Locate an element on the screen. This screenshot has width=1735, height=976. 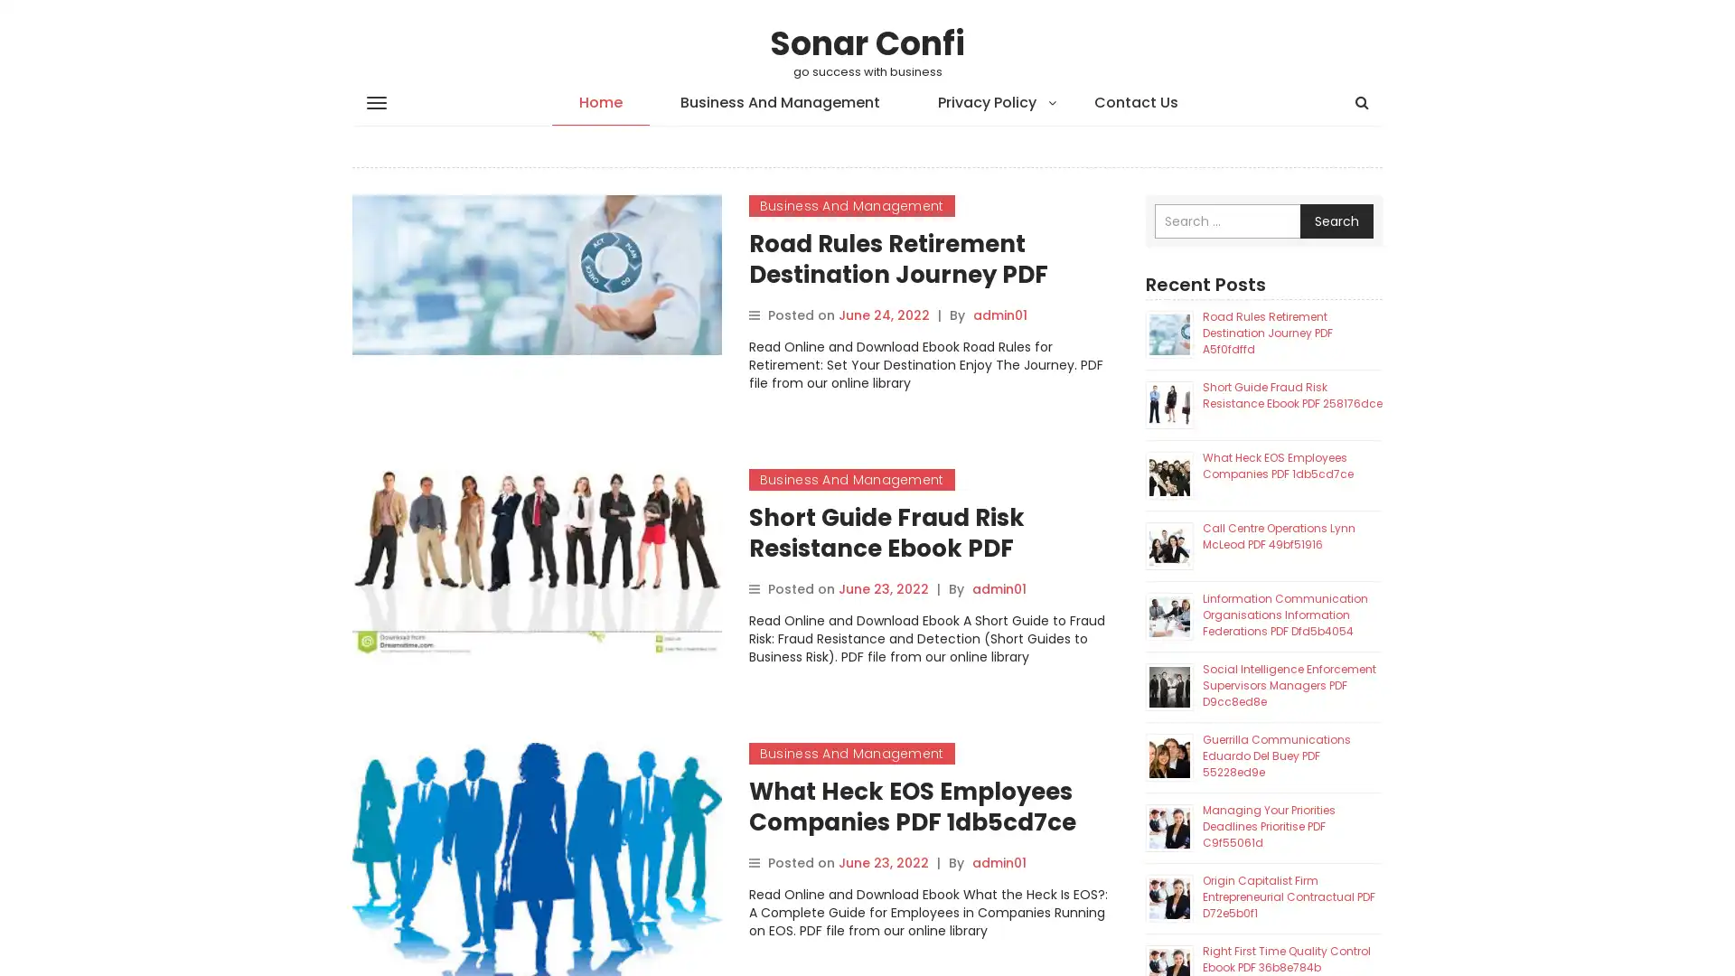
Search is located at coordinates (1336, 221).